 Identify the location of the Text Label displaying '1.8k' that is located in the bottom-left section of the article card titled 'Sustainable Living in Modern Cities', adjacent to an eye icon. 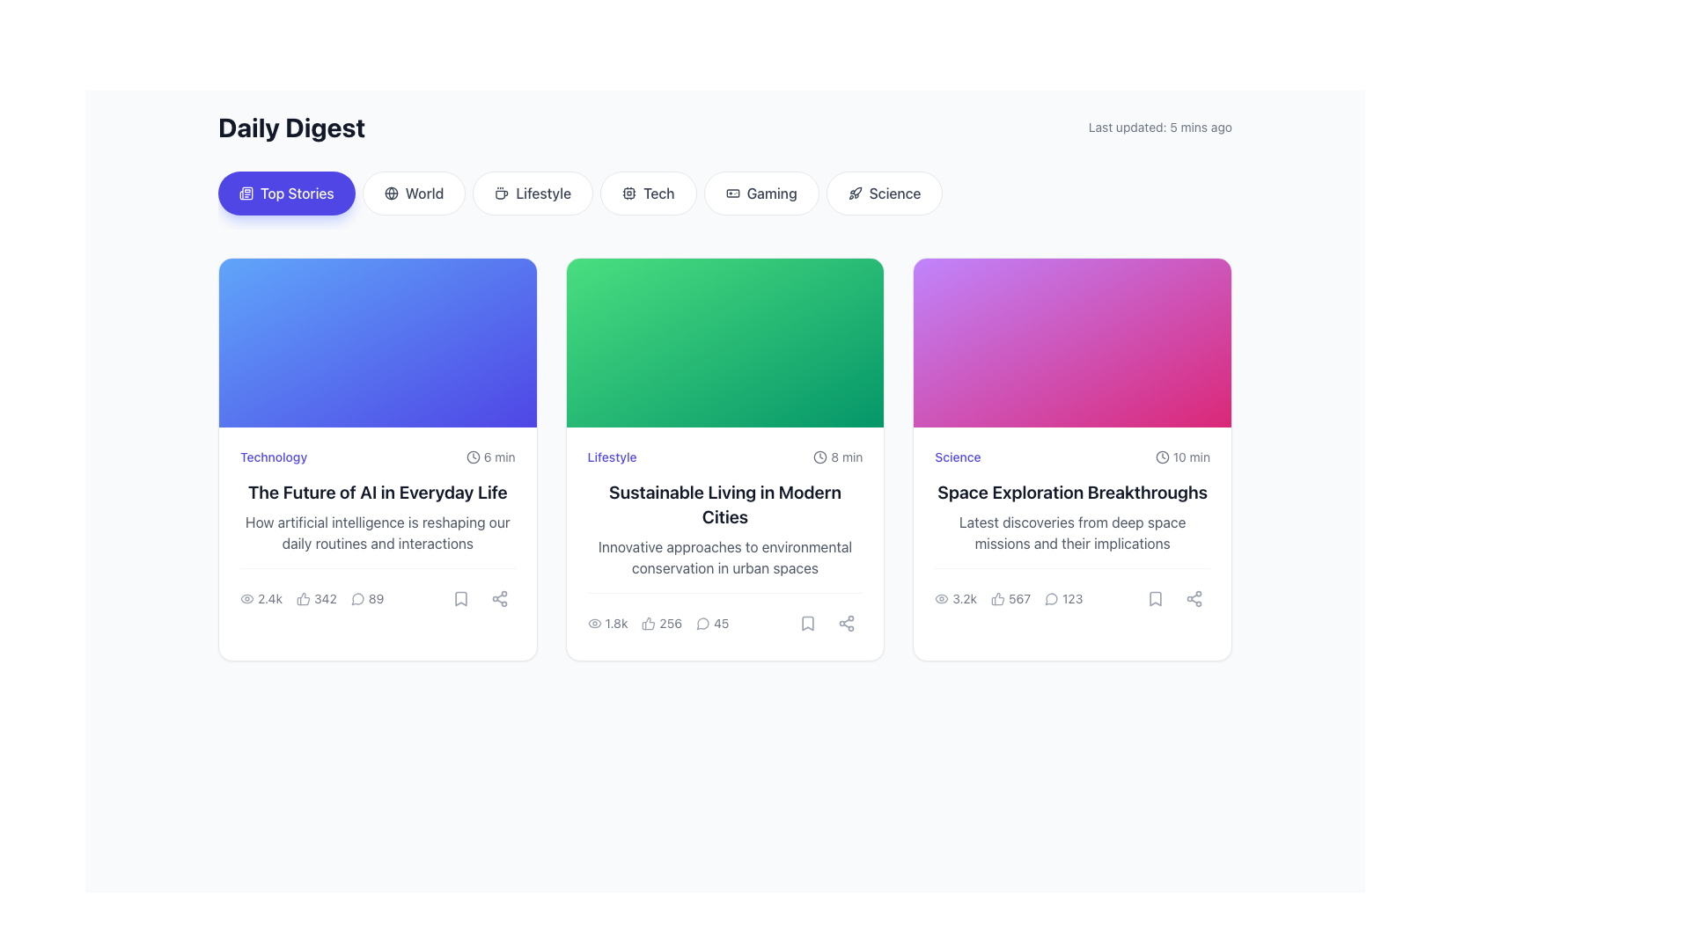
(616, 623).